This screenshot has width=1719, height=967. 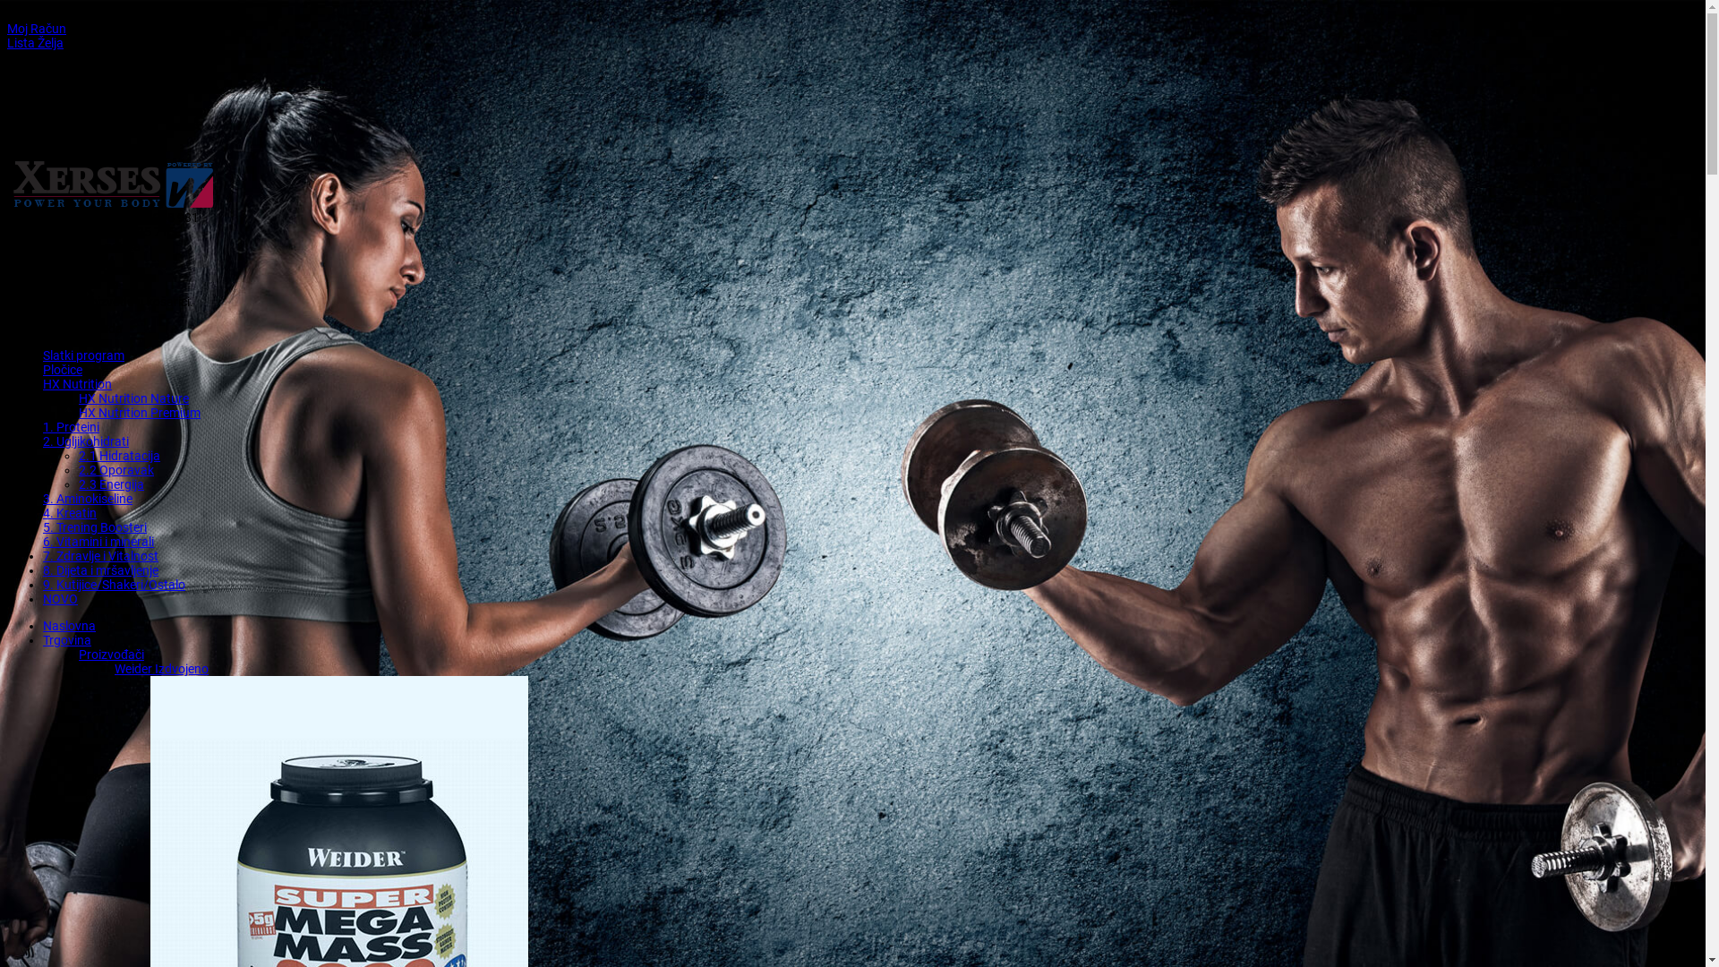 What do you see at coordinates (69, 624) in the screenshot?
I see `'Naslovna'` at bounding box center [69, 624].